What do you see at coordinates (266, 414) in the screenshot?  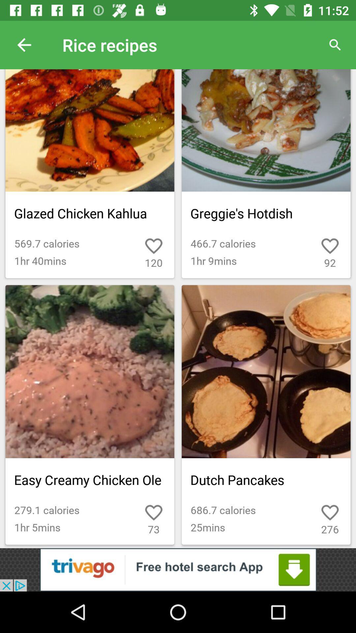 I see `the last image of the page` at bounding box center [266, 414].